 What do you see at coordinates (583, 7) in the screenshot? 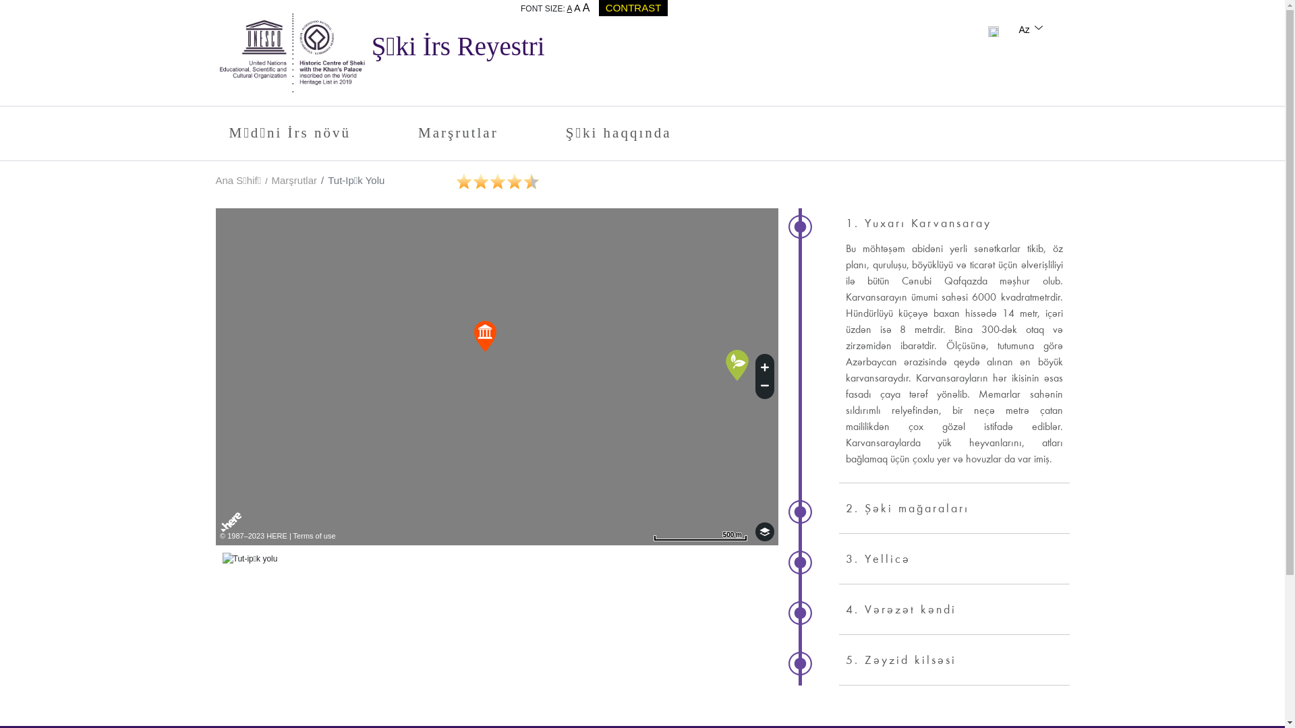
I see `'A'` at bounding box center [583, 7].